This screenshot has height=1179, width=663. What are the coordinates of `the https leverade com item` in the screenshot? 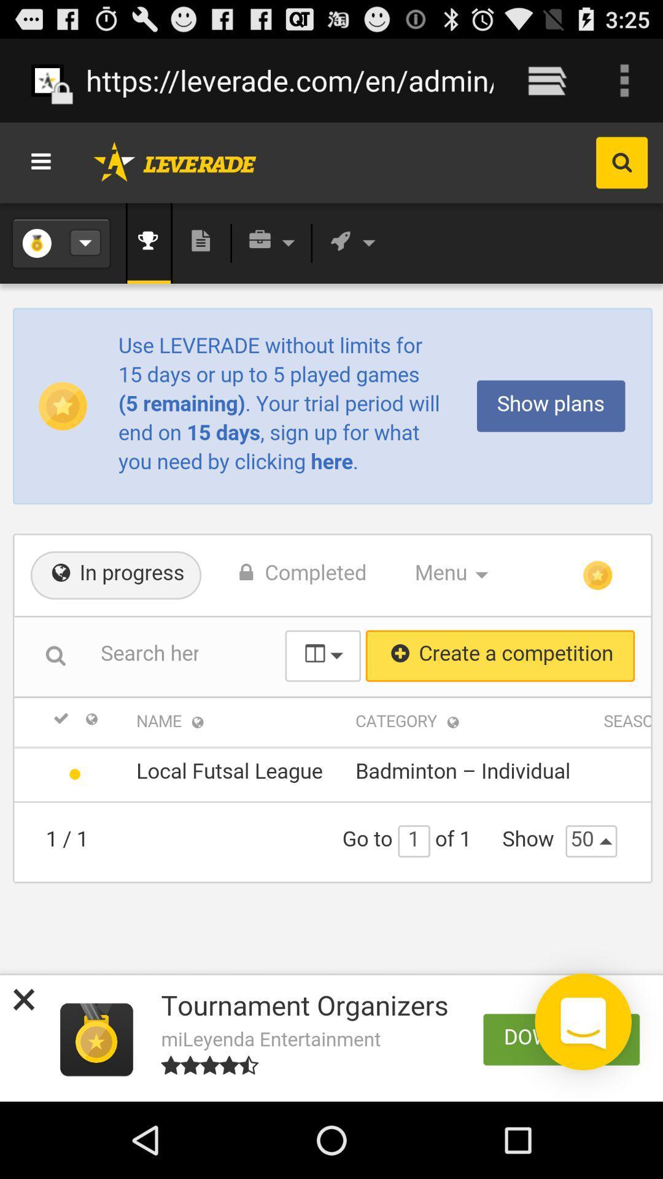 It's located at (290, 80).